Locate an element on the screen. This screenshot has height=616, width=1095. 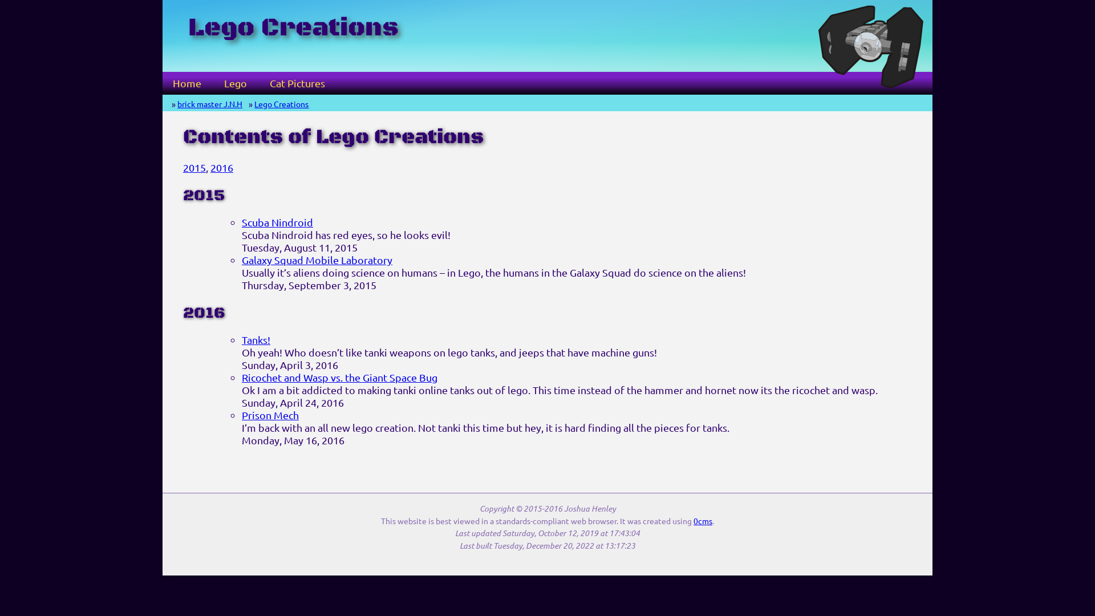
'Lego' is located at coordinates (234, 82).